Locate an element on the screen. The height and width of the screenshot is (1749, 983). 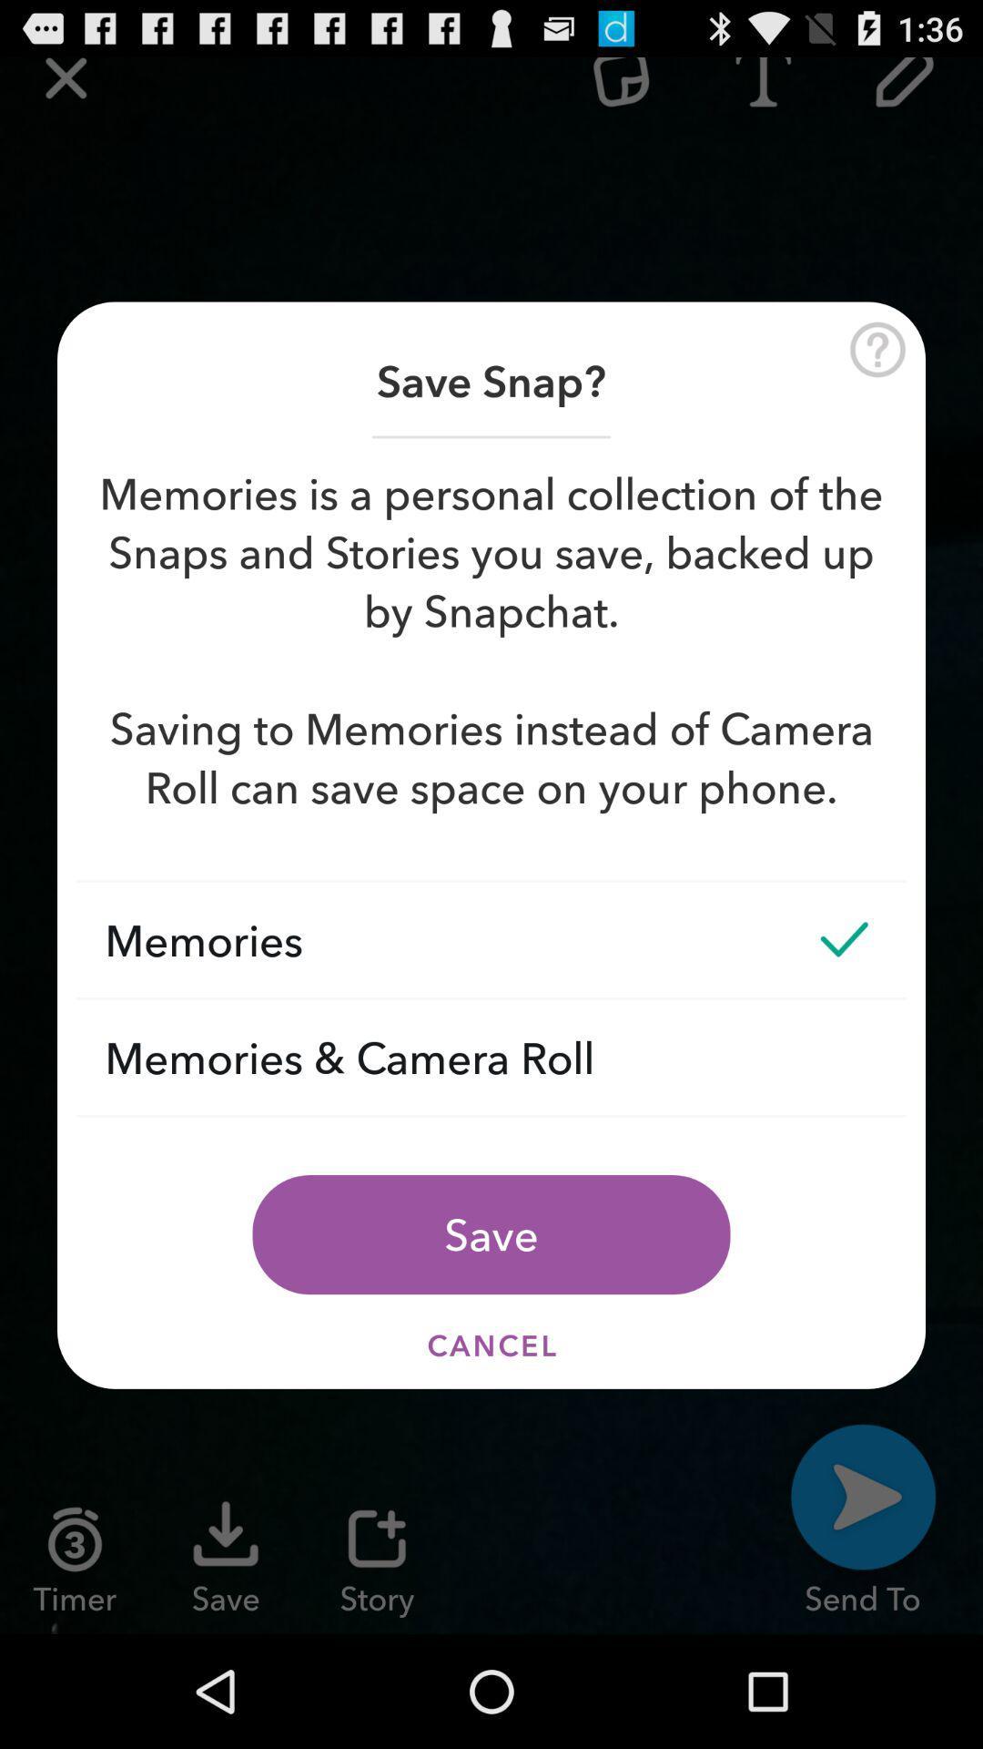
the cancel item is located at coordinates (491, 1345).